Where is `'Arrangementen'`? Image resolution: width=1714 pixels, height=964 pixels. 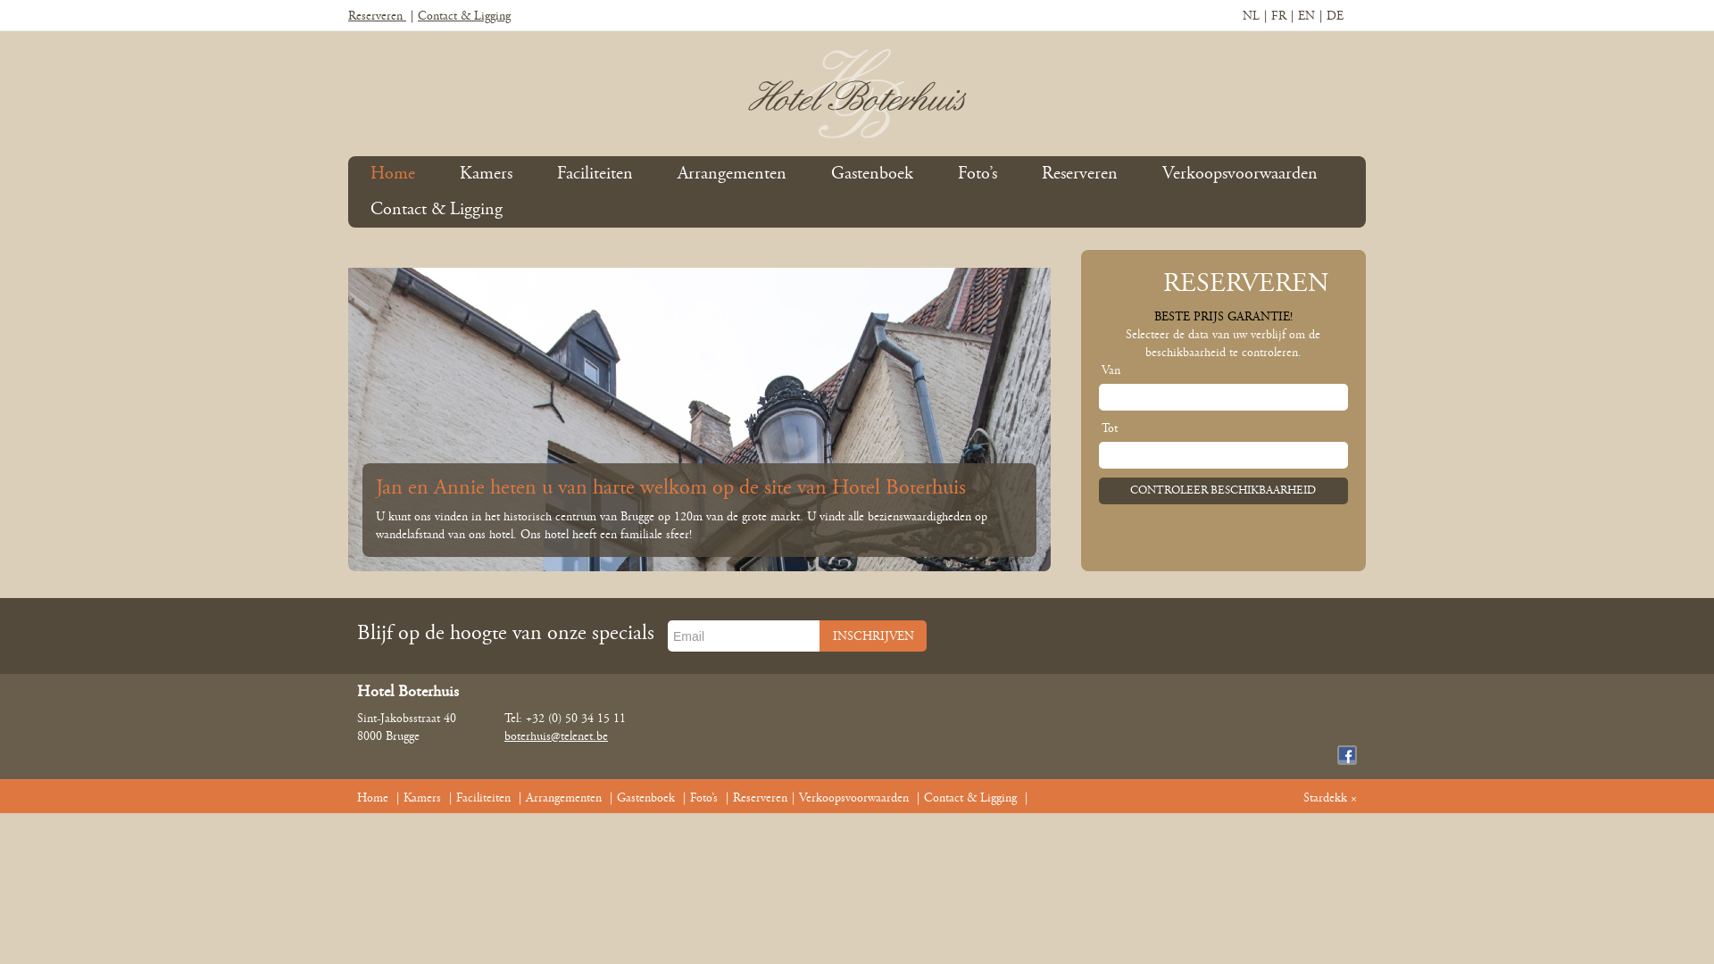 'Arrangementen' is located at coordinates (562, 797).